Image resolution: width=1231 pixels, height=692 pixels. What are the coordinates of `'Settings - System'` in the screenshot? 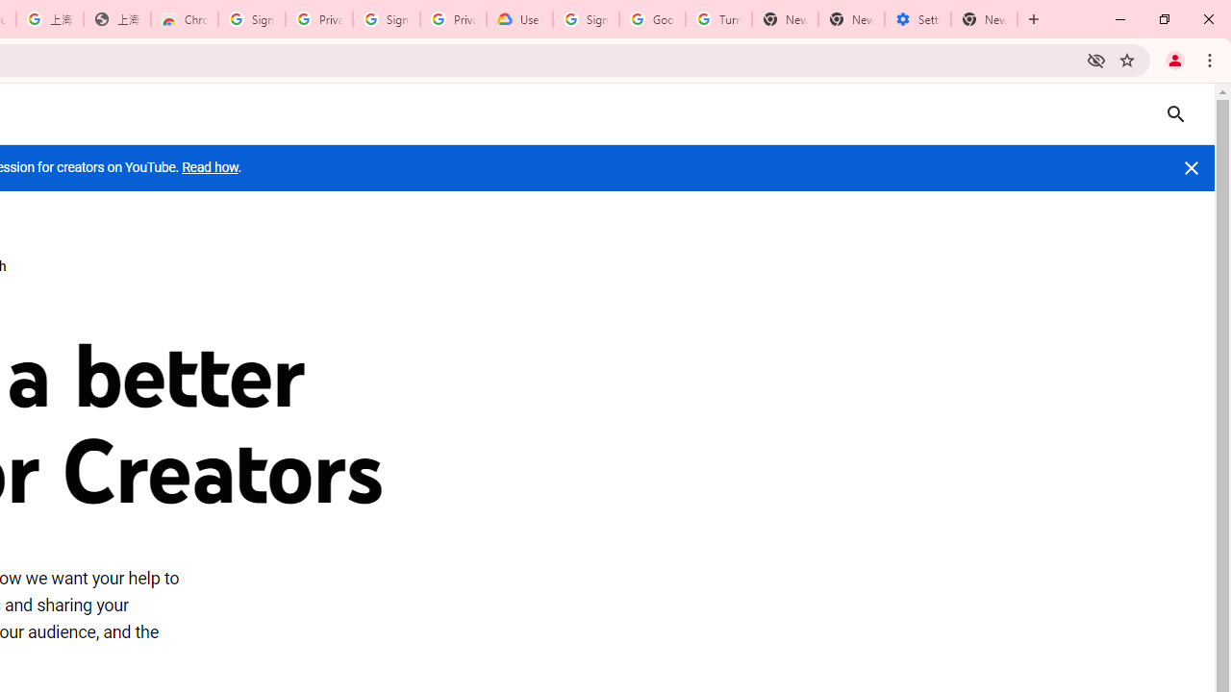 It's located at (917, 19).